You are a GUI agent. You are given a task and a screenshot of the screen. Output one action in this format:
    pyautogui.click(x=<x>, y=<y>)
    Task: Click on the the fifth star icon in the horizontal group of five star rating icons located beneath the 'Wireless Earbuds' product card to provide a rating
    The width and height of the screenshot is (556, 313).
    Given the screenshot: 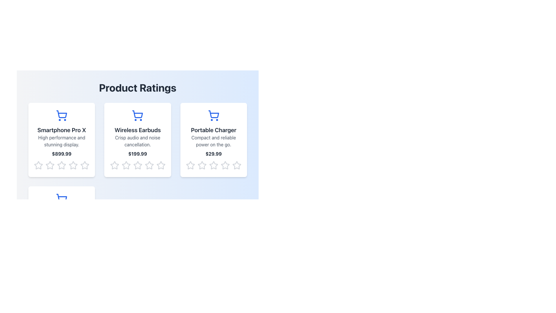 What is the action you would take?
    pyautogui.click(x=161, y=165)
    